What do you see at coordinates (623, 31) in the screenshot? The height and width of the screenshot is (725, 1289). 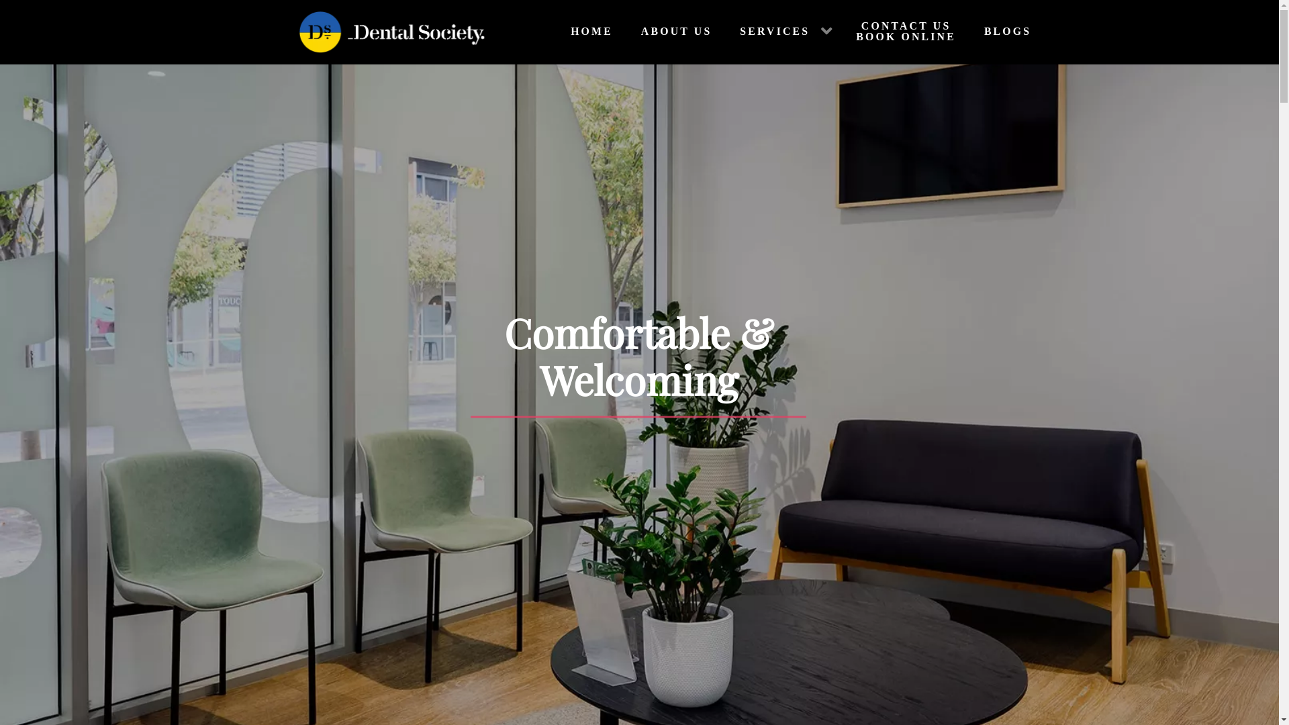 I see `'ABOUT US'` at bounding box center [623, 31].